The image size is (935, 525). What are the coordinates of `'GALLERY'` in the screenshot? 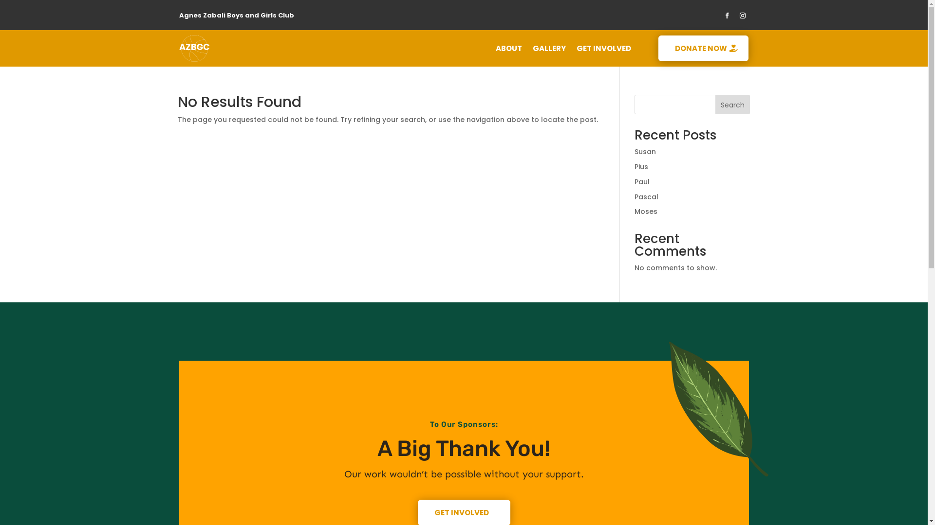 It's located at (549, 51).